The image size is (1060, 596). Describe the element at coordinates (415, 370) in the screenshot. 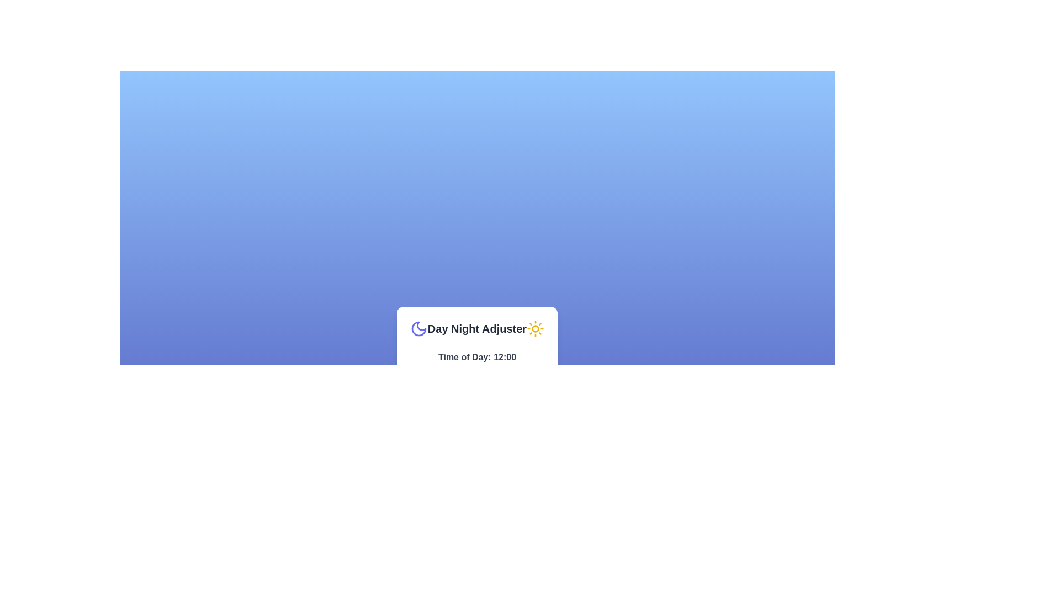

I see `the time to 1 hours using the slider` at that location.